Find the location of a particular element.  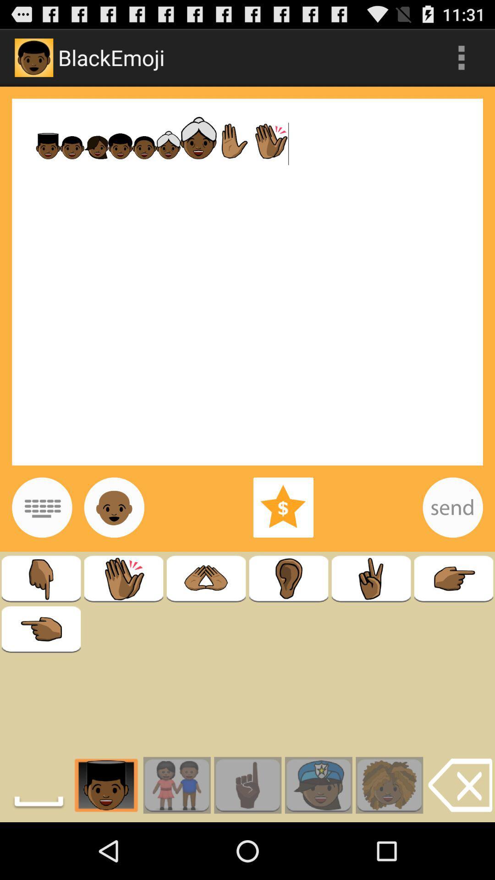

message is located at coordinates (452, 507).